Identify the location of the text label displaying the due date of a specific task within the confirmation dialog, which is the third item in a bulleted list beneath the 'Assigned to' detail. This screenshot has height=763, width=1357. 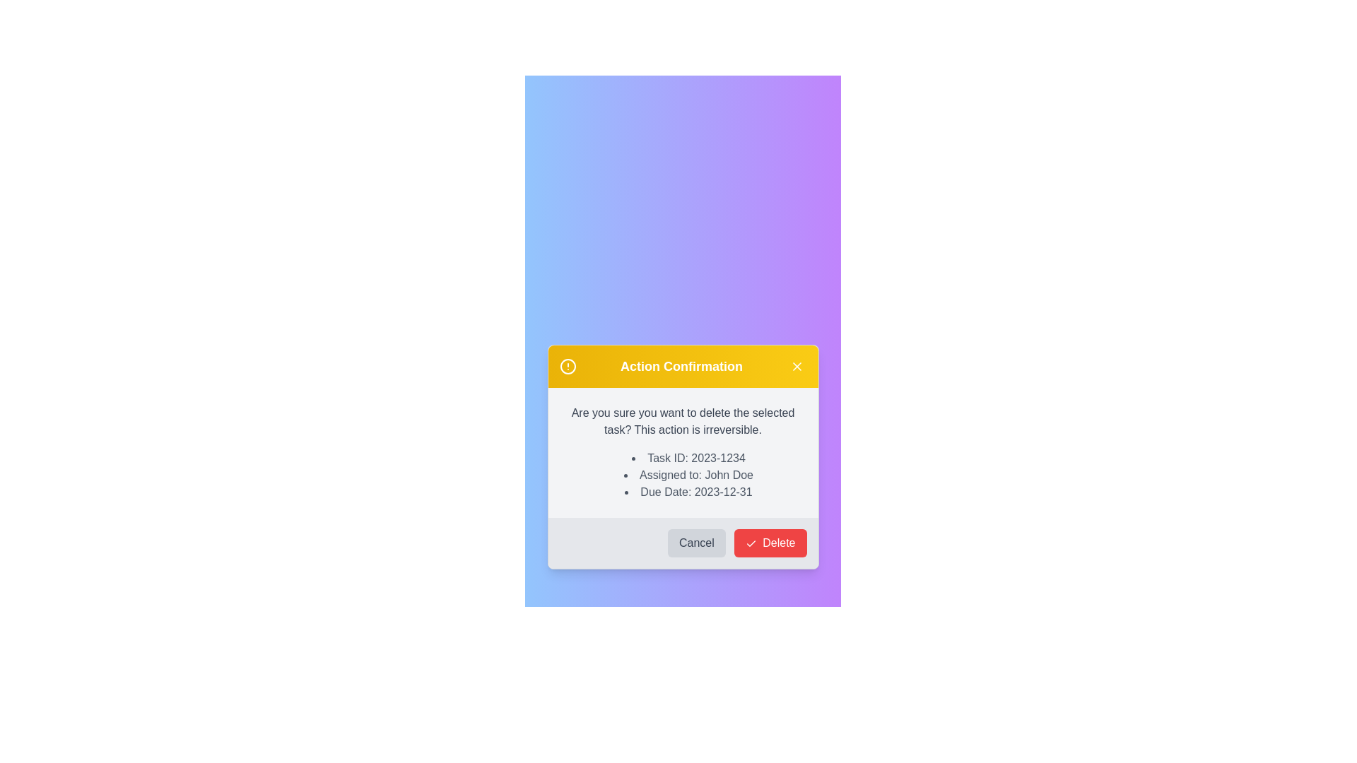
(688, 492).